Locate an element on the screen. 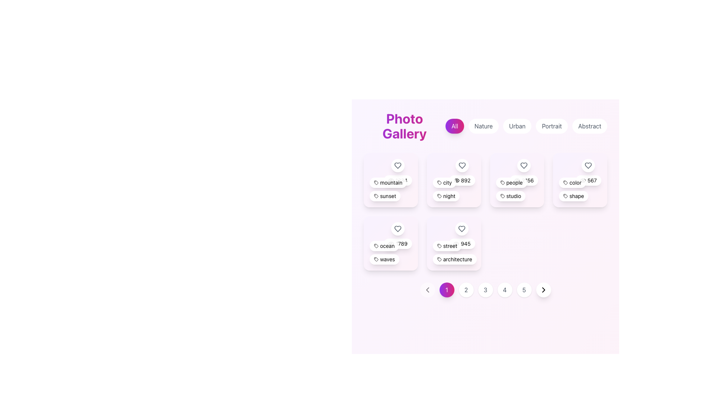 This screenshot has height=402, width=714. the first button in the horizontal row of filter selectors below the 'Photo Gallery' heading is located at coordinates (454, 126).